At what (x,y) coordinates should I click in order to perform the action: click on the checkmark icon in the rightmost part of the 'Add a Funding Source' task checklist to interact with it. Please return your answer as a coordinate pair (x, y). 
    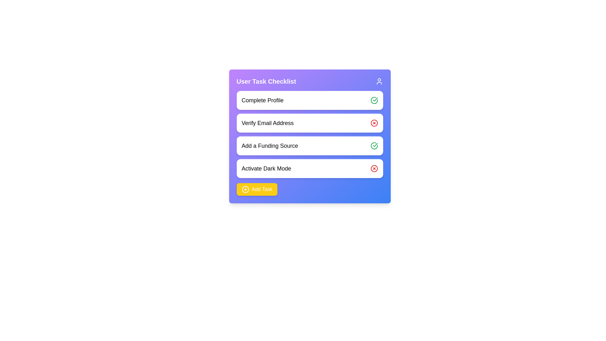
    Looking at the image, I should click on (375, 99).